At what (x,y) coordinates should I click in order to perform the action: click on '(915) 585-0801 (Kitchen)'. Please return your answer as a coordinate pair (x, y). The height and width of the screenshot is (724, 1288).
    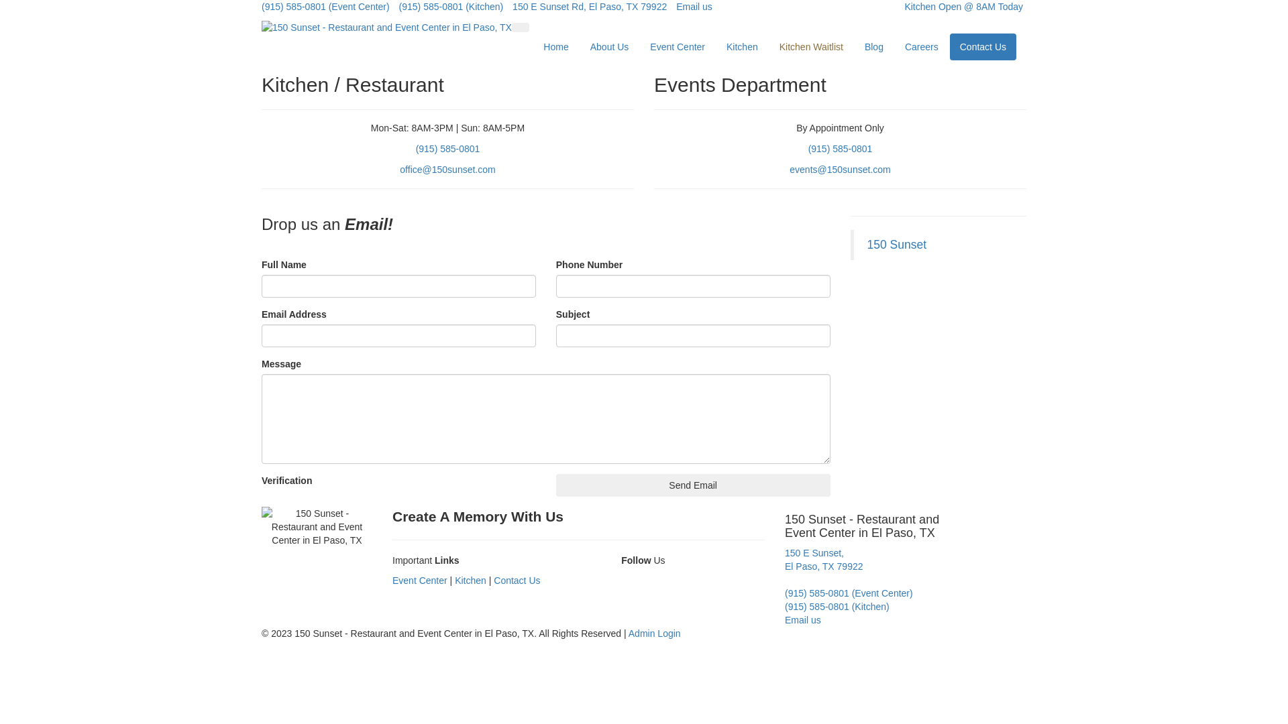
    Looking at the image, I should click on (451, 7).